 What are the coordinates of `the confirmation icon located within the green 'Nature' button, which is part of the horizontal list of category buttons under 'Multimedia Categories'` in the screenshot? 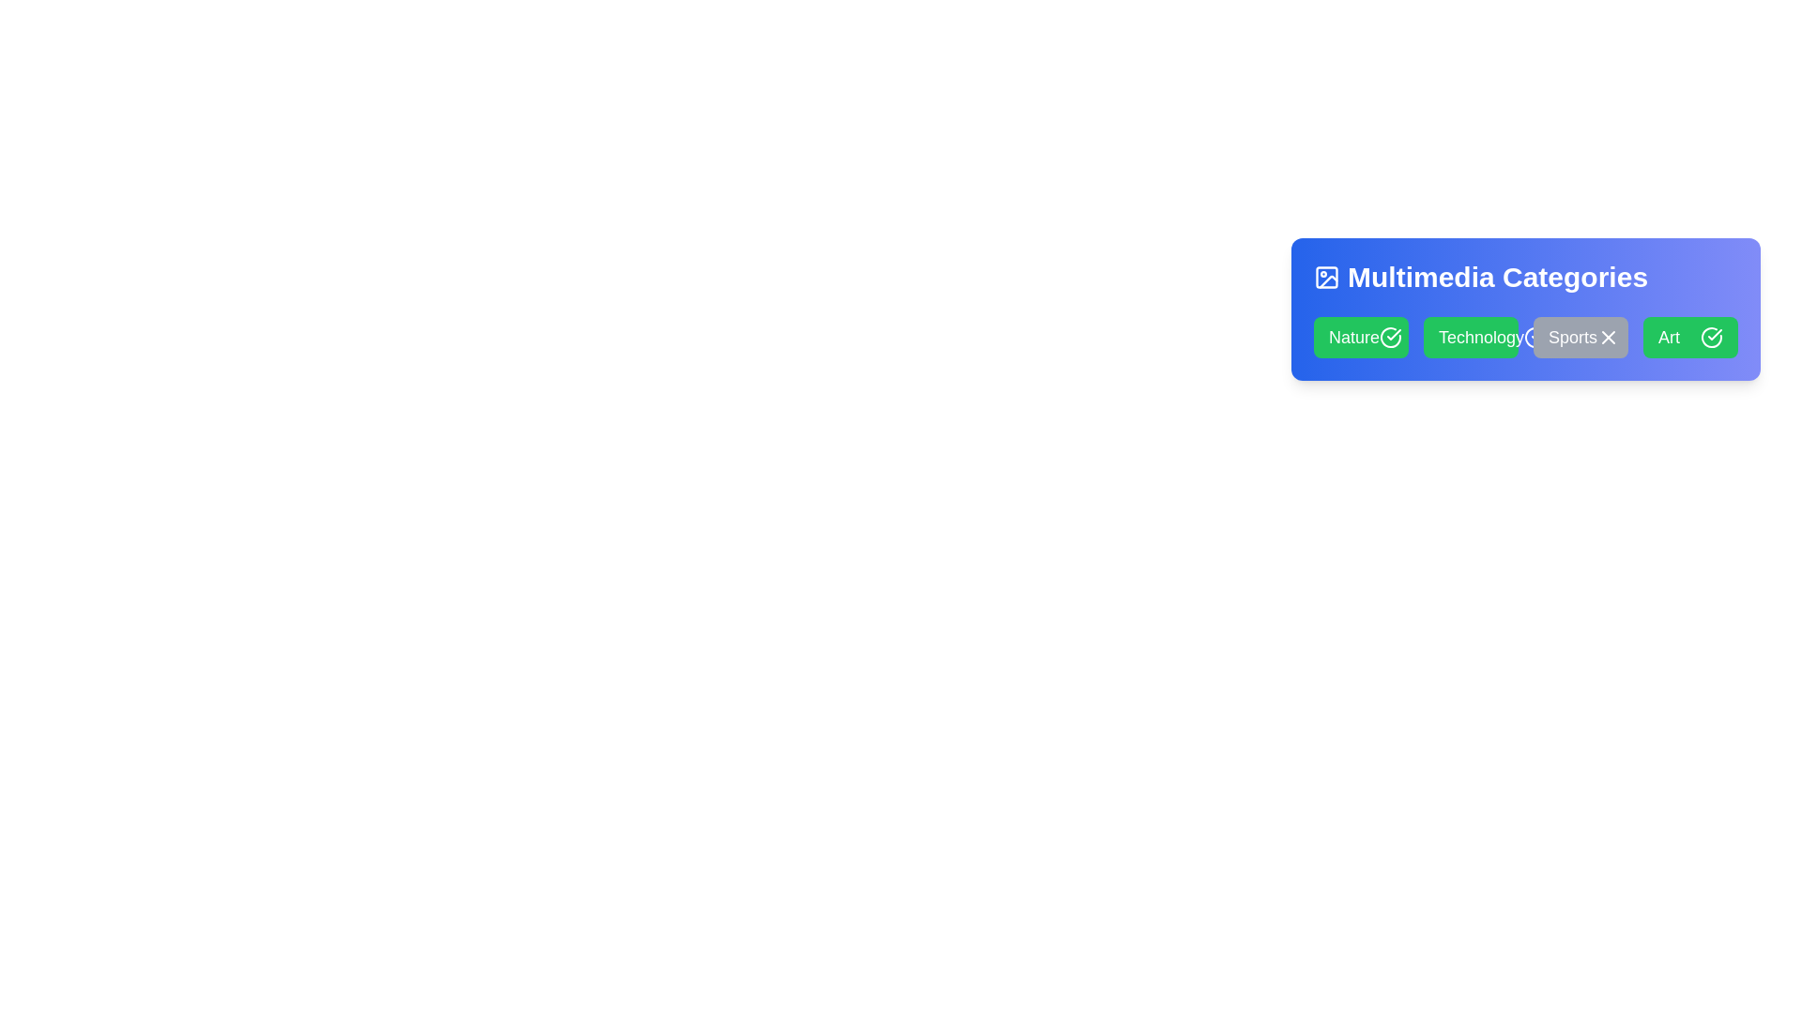 It's located at (1391, 336).